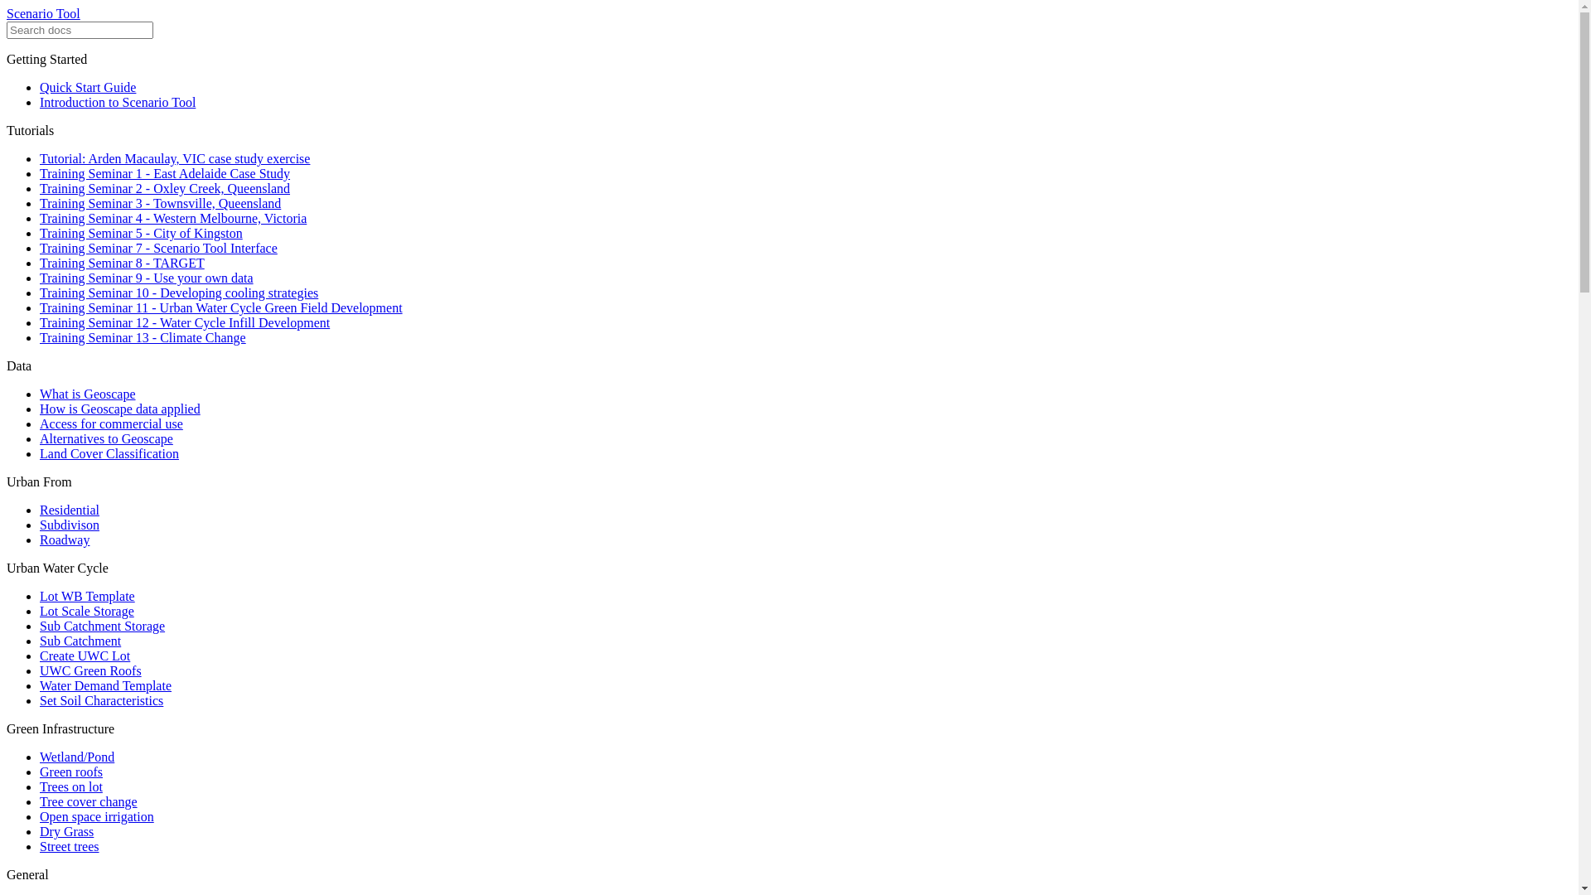  What do you see at coordinates (86, 87) in the screenshot?
I see `'Quick Start Guide'` at bounding box center [86, 87].